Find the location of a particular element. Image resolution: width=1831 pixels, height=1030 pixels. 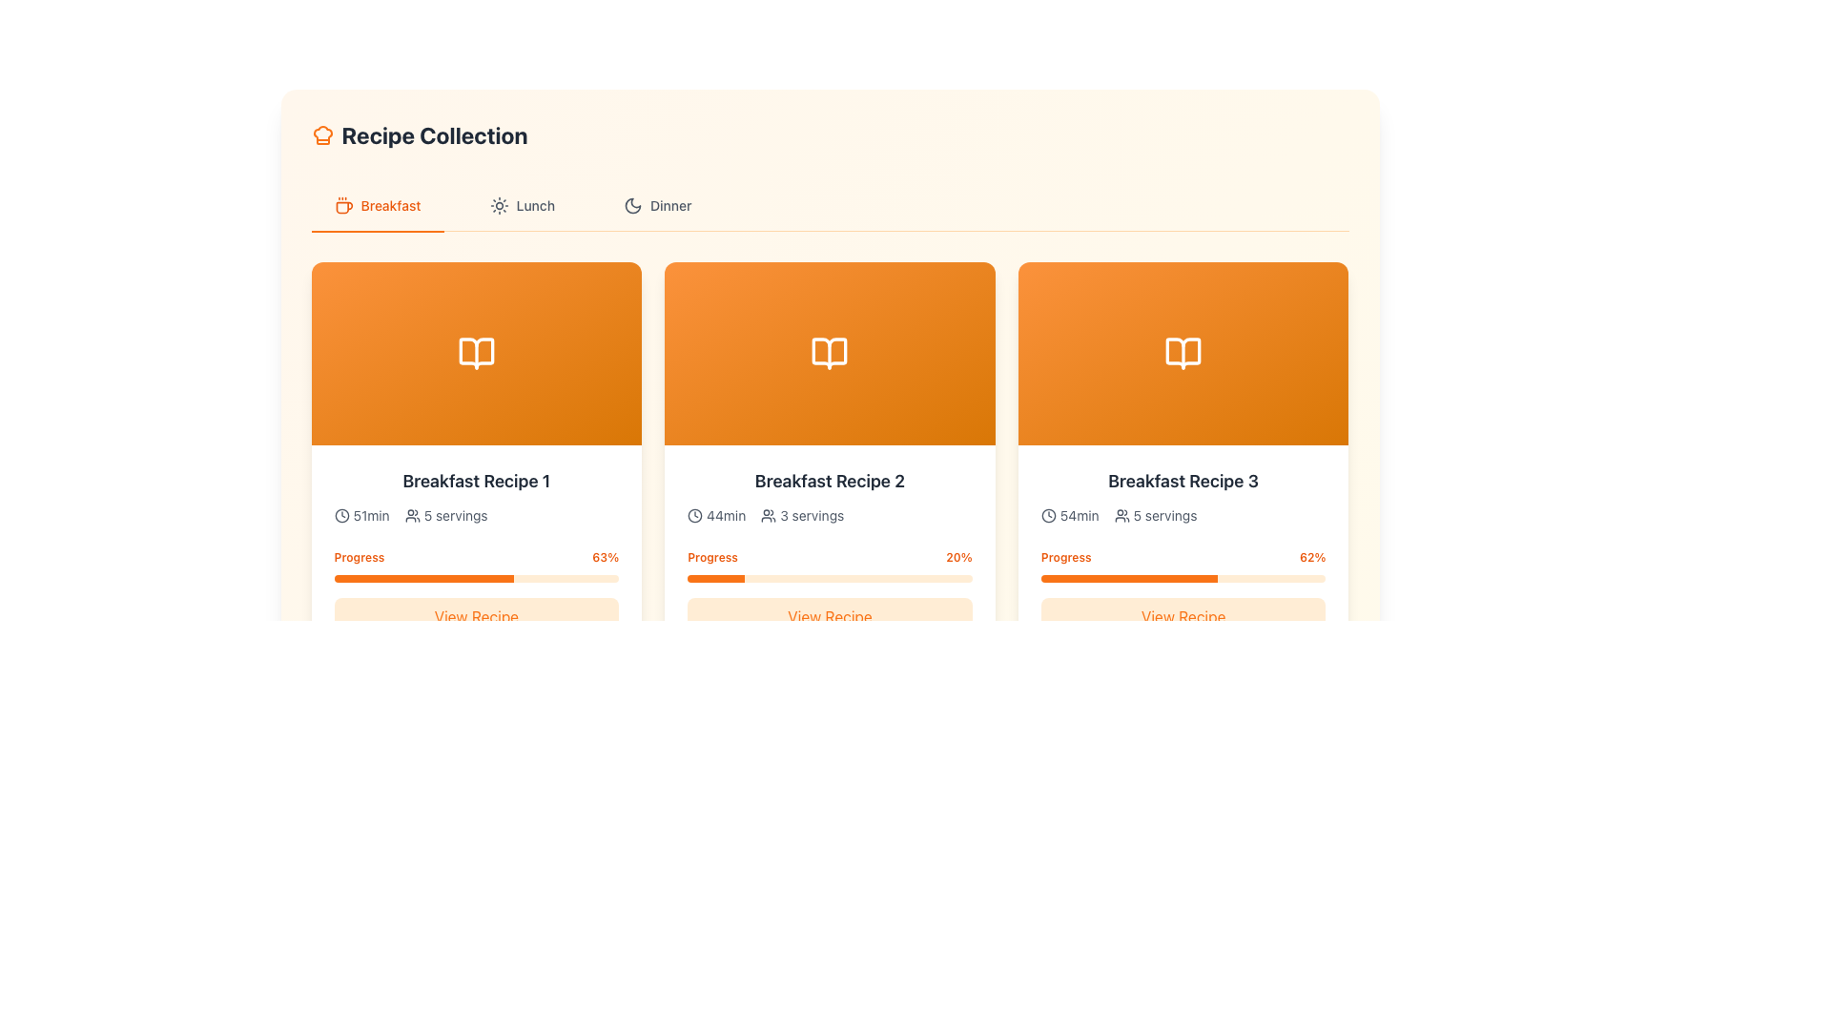

the text block labeled 'Breakfast Recipe 2', which is styled in bold, large font and located in the central card of the recipe cards is located at coordinates (830, 481).